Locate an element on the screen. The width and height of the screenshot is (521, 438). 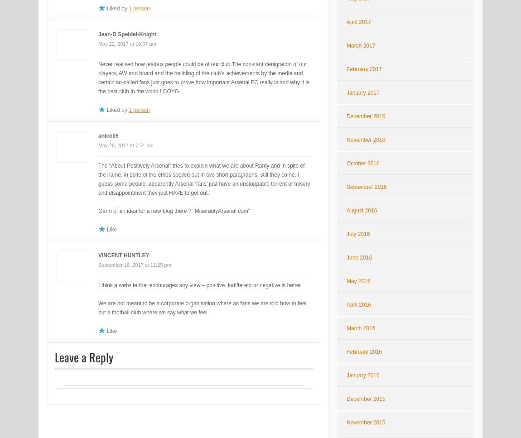
'April 2016' is located at coordinates (358, 305).